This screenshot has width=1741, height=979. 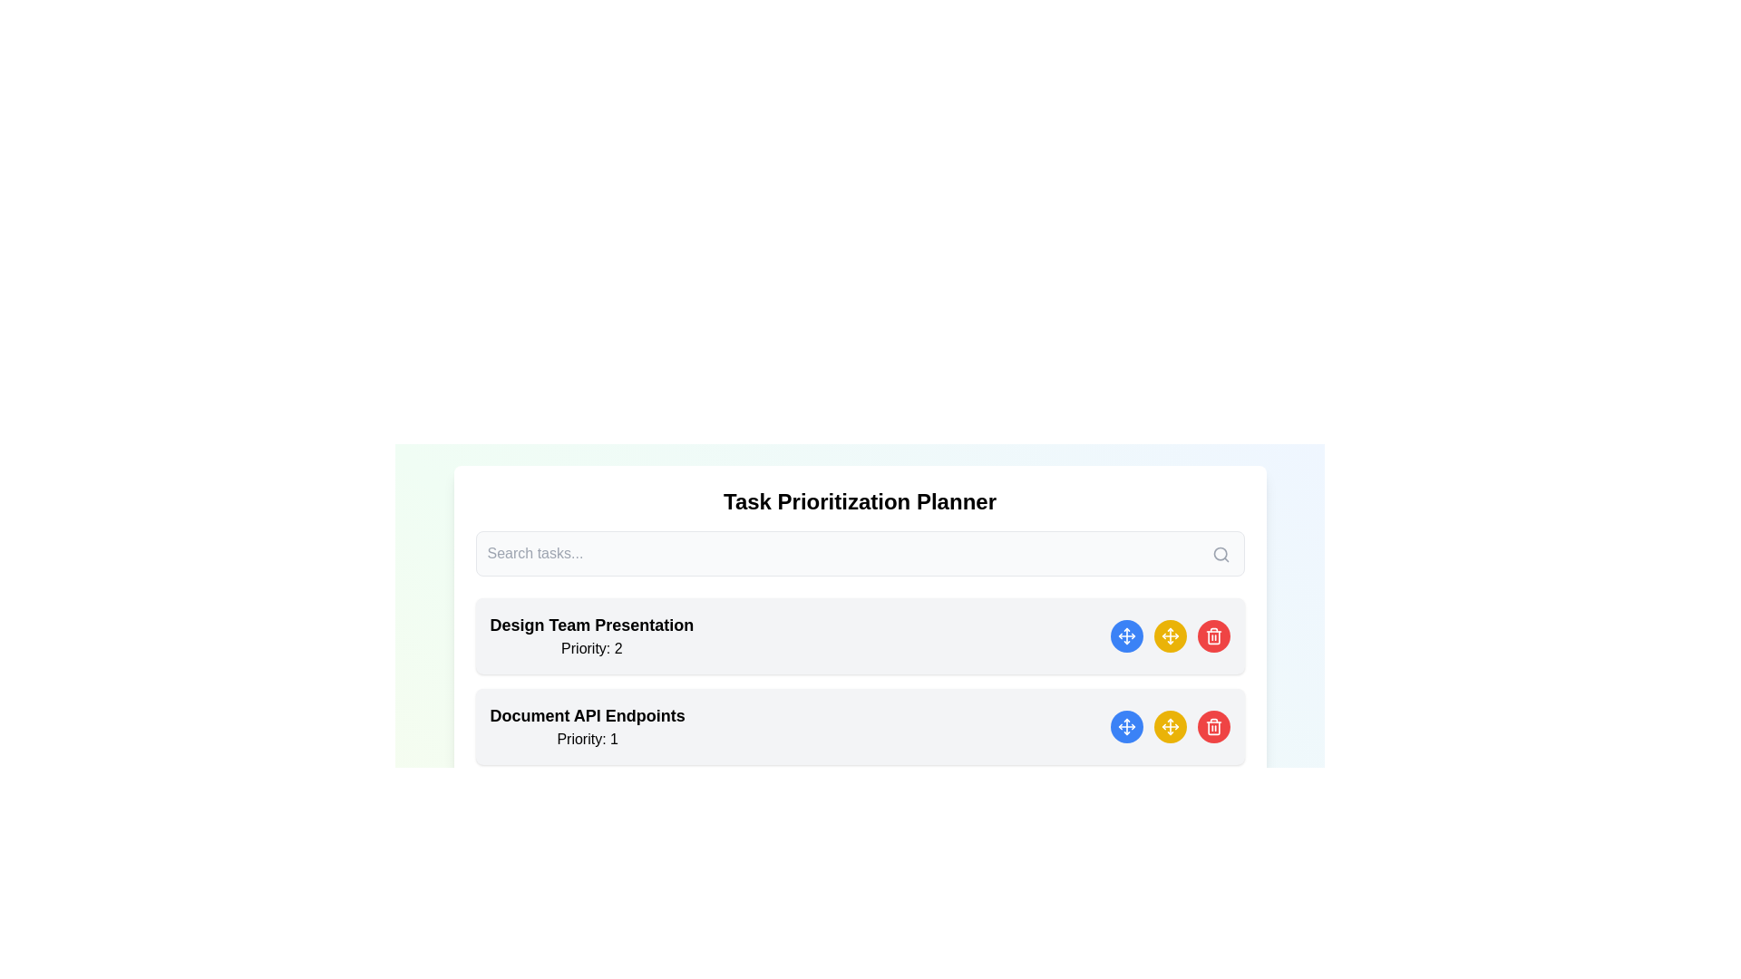 What do you see at coordinates (1125, 726) in the screenshot?
I see `the blue circular icon with four arrows pointing outward, located at the end of the second task item row` at bounding box center [1125, 726].